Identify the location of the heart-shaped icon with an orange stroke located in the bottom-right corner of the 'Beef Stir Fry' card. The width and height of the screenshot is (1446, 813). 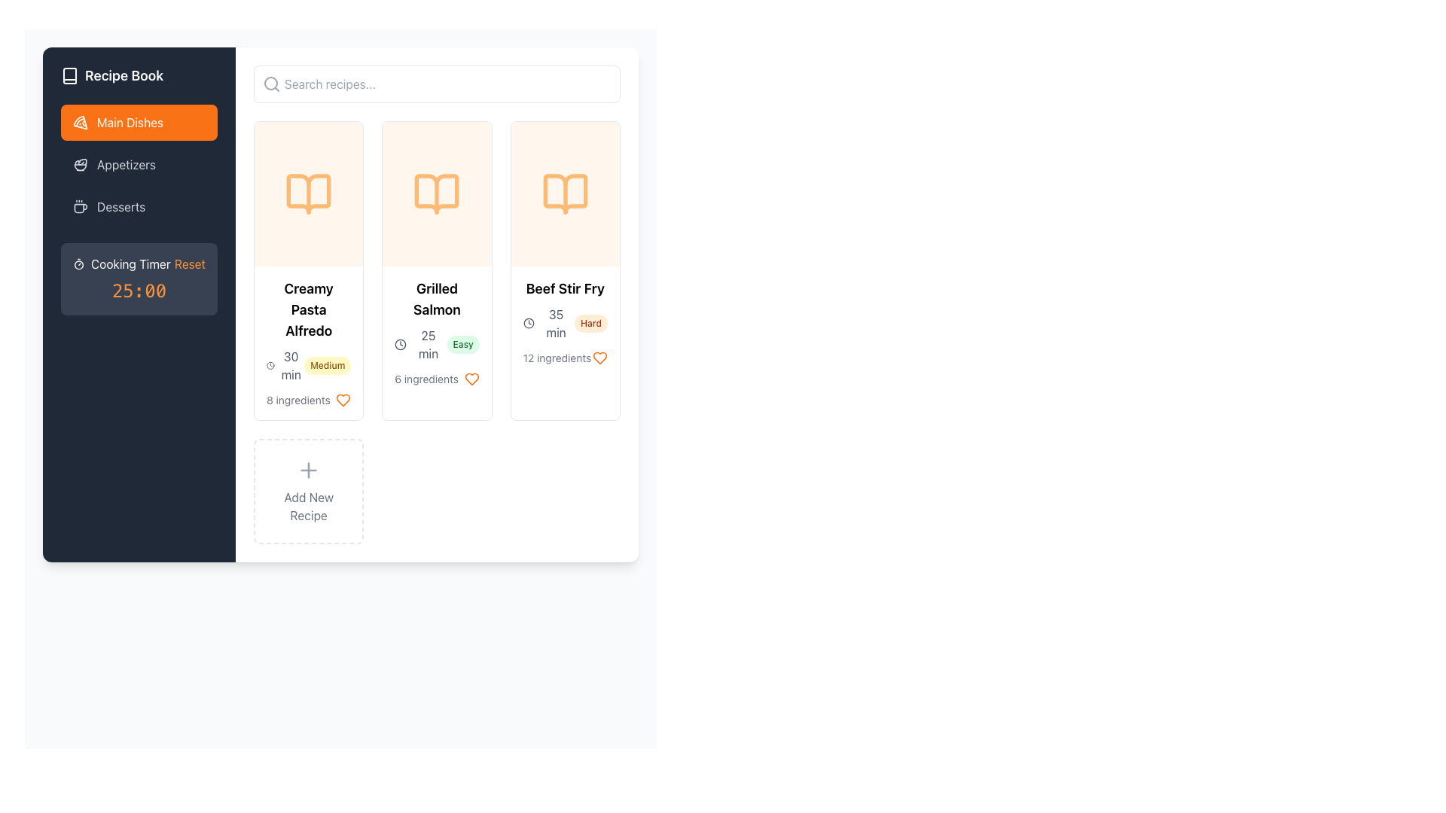
(599, 358).